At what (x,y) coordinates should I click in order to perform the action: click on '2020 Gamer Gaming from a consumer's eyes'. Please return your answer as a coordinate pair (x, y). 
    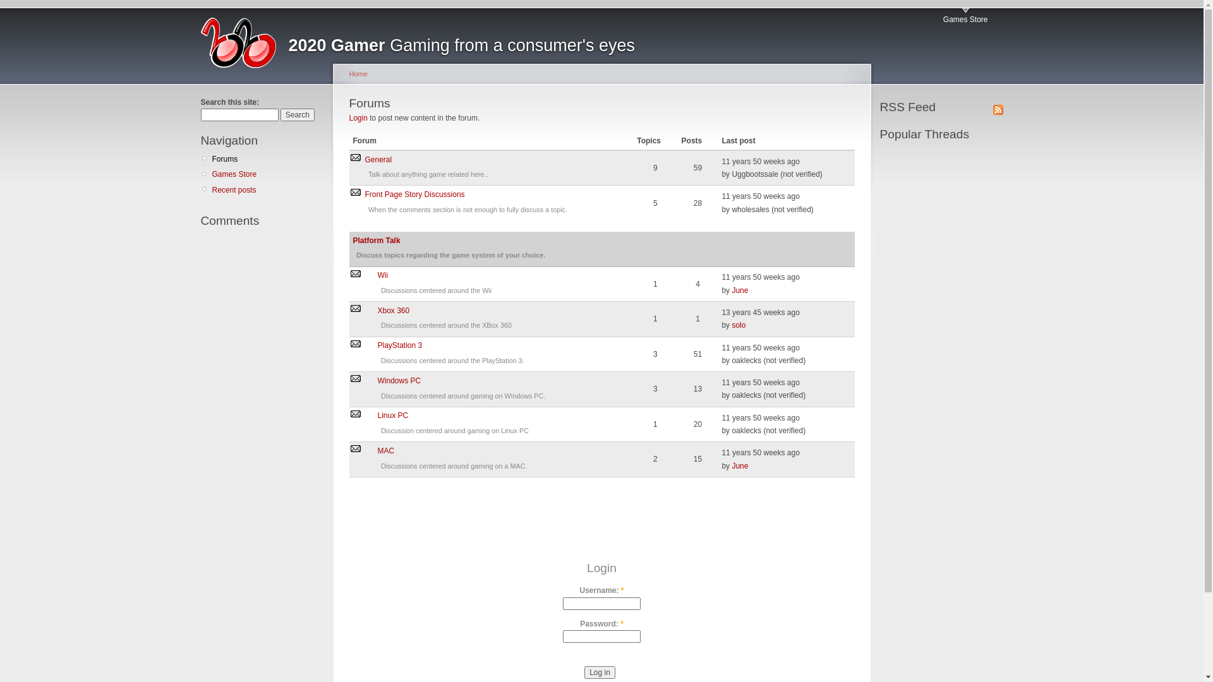
    Looking at the image, I should click on (460, 45).